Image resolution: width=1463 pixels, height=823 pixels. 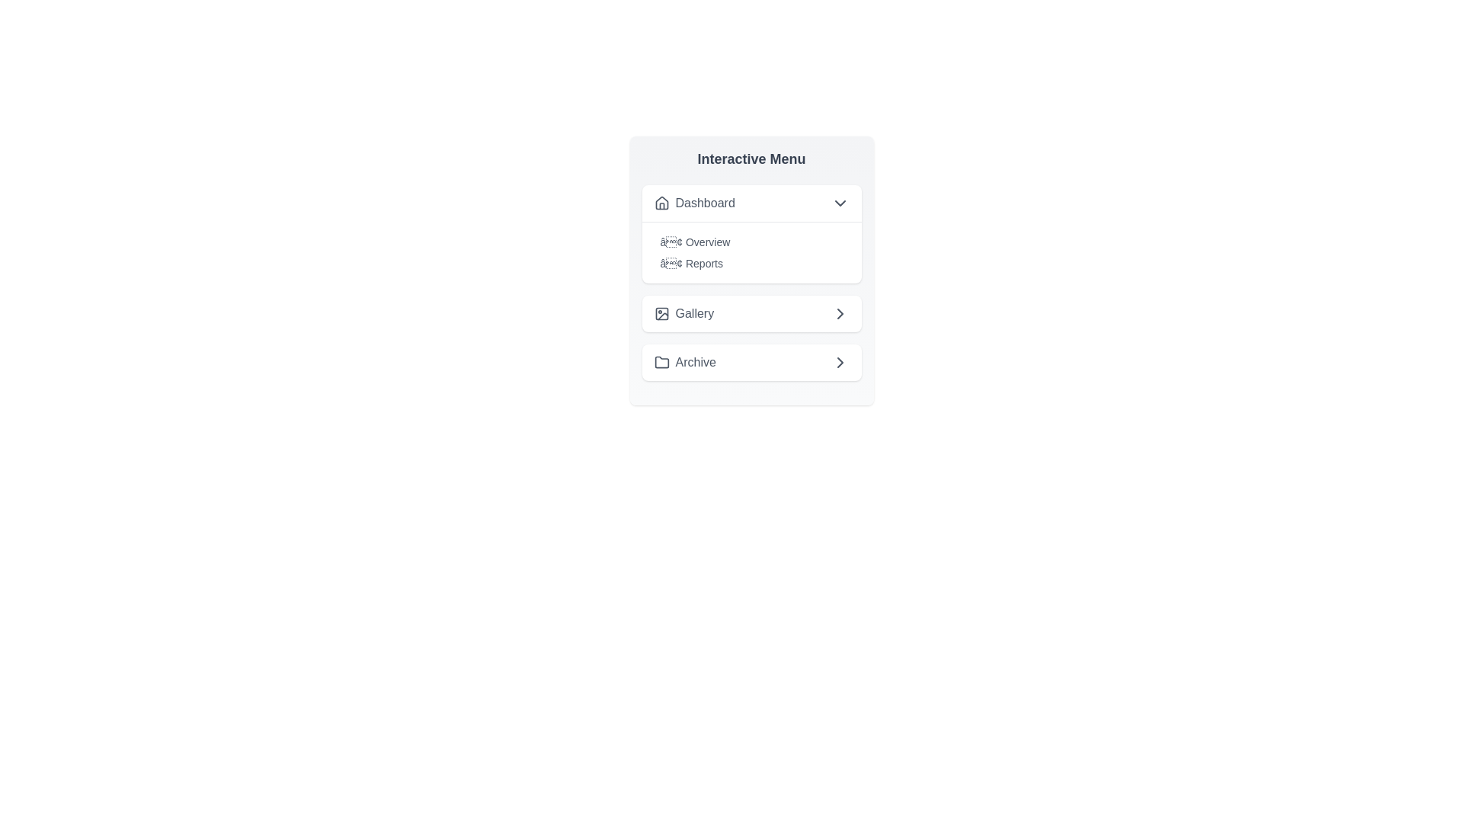 What do you see at coordinates (661, 362) in the screenshot?
I see `the icon of the section Archive` at bounding box center [661, 362].